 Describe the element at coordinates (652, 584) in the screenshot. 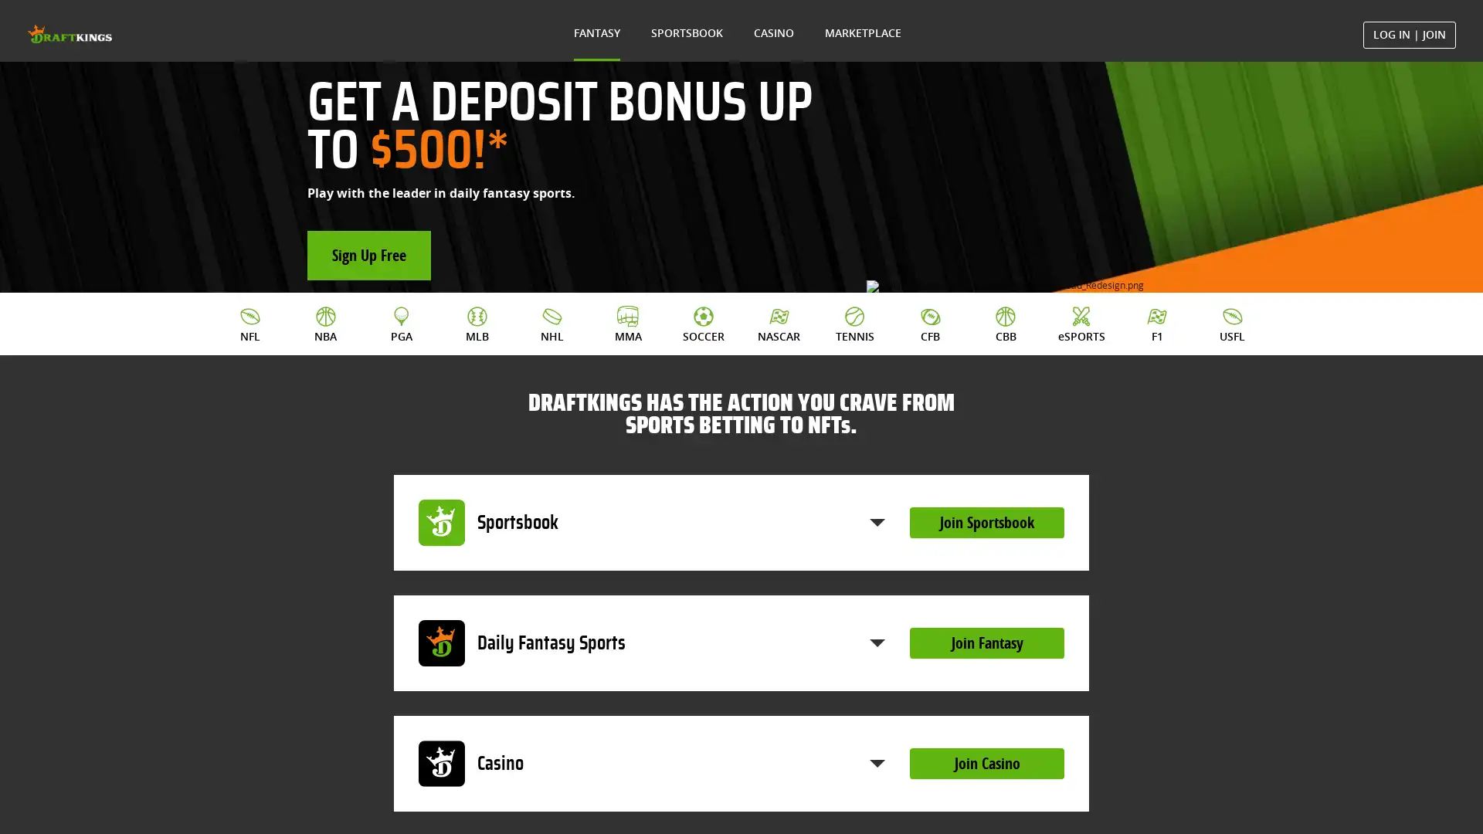

I see `SB_Icon.svg Sportsbook` at that location.